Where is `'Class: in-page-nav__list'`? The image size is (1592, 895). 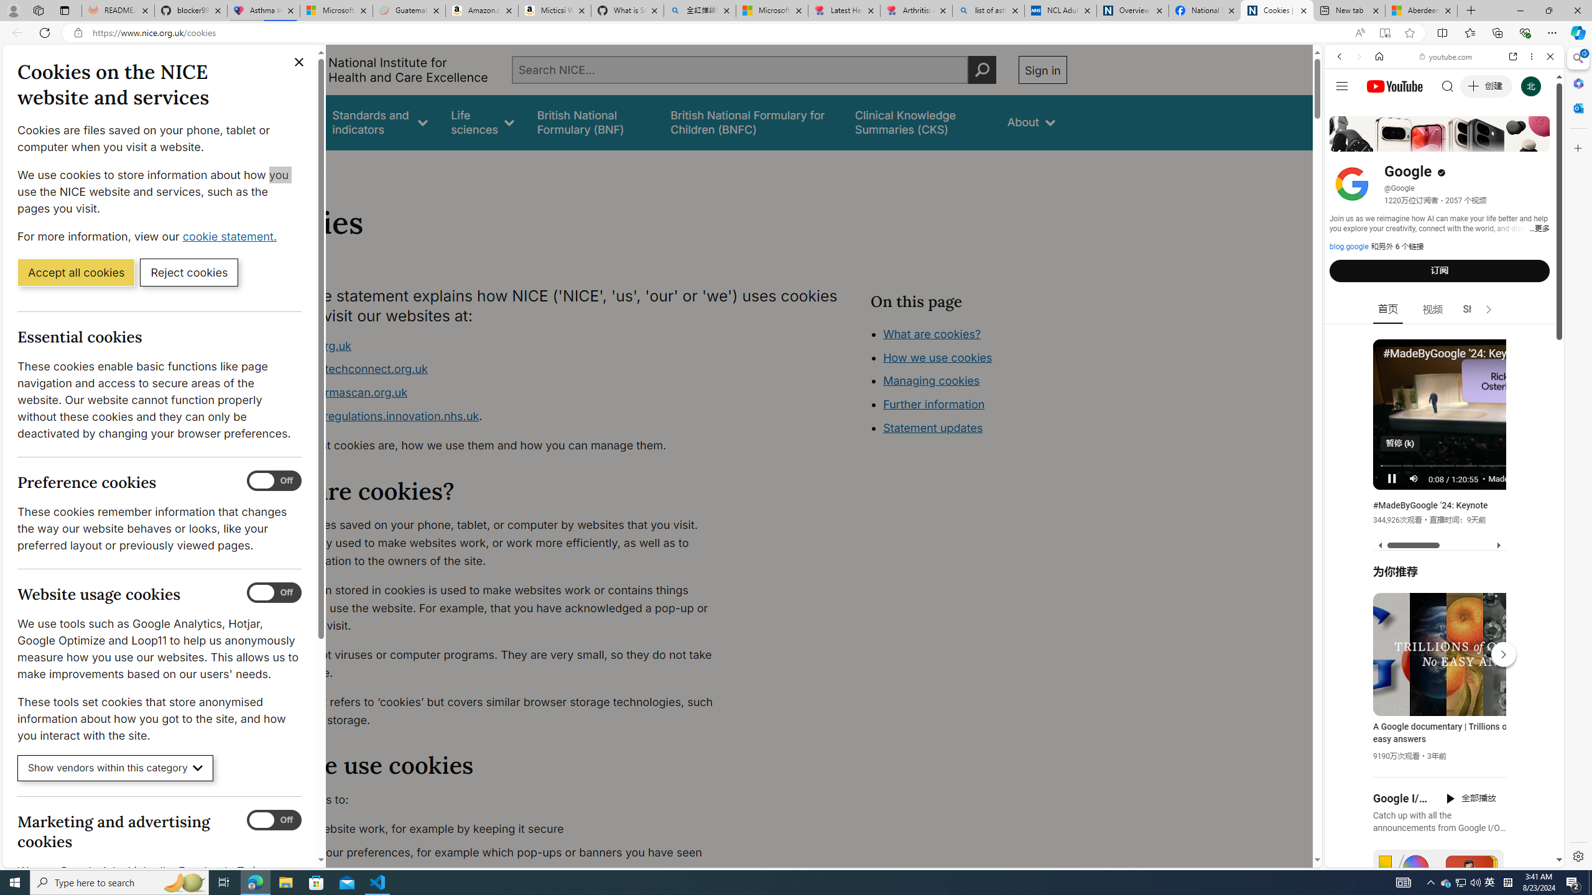 'Class: in-page-nav__list' is located at coordinates (968, 382).